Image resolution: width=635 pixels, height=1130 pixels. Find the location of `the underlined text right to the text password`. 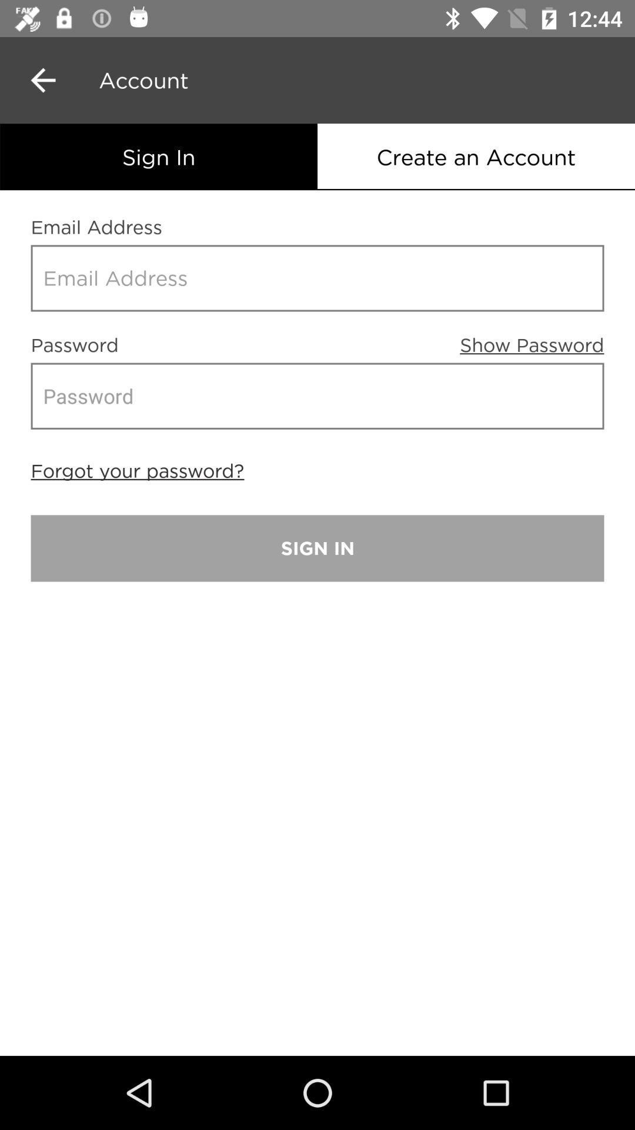

the underlined text right to the text password is located at coordinates (532, 337).